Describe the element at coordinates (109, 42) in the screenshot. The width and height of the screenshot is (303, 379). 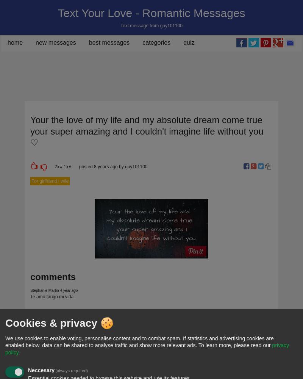
I see `'best messages'` at that location.